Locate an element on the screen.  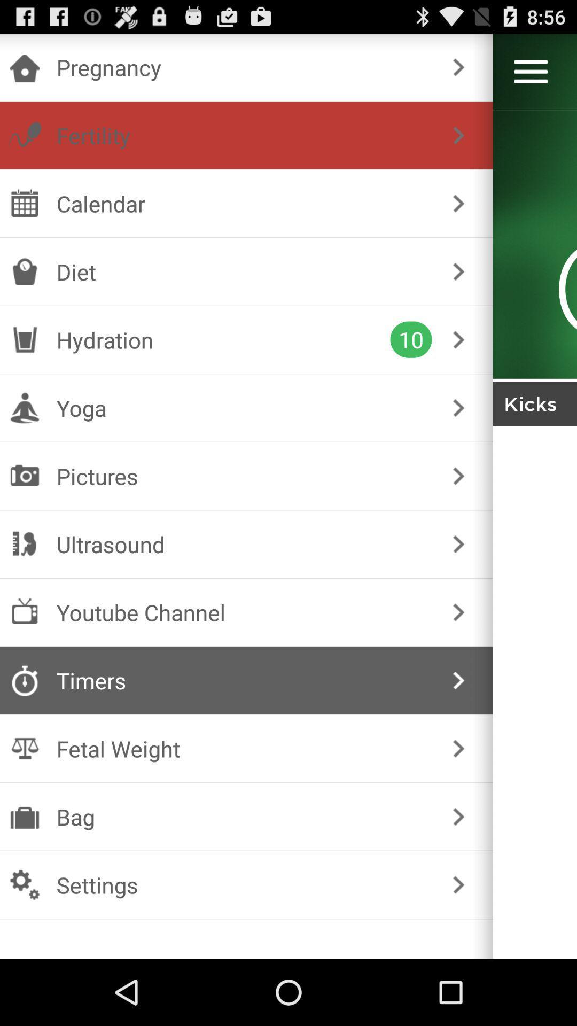
drop down selection menu is located at coordinates (531, 71).